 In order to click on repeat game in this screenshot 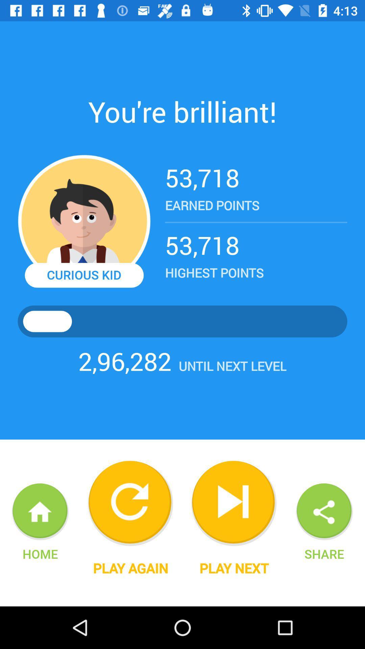, I will do `click(130, 503)`.